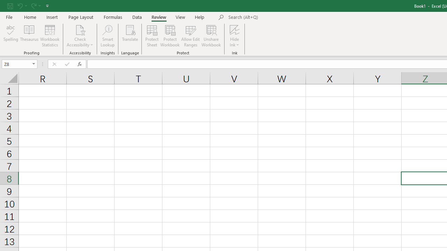 The width and height of the screenshot is (447, 251). Describe the element at coordinates (30, 17) in the screenshot. I see `'Home'` at that location.